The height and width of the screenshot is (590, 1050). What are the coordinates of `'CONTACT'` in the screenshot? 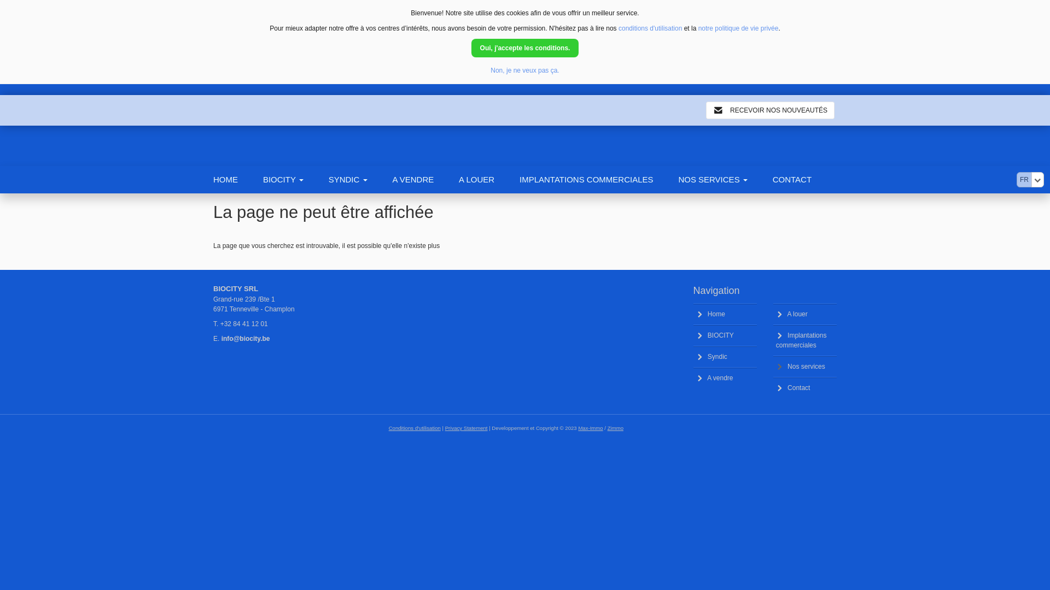 It's located at (804, 179).